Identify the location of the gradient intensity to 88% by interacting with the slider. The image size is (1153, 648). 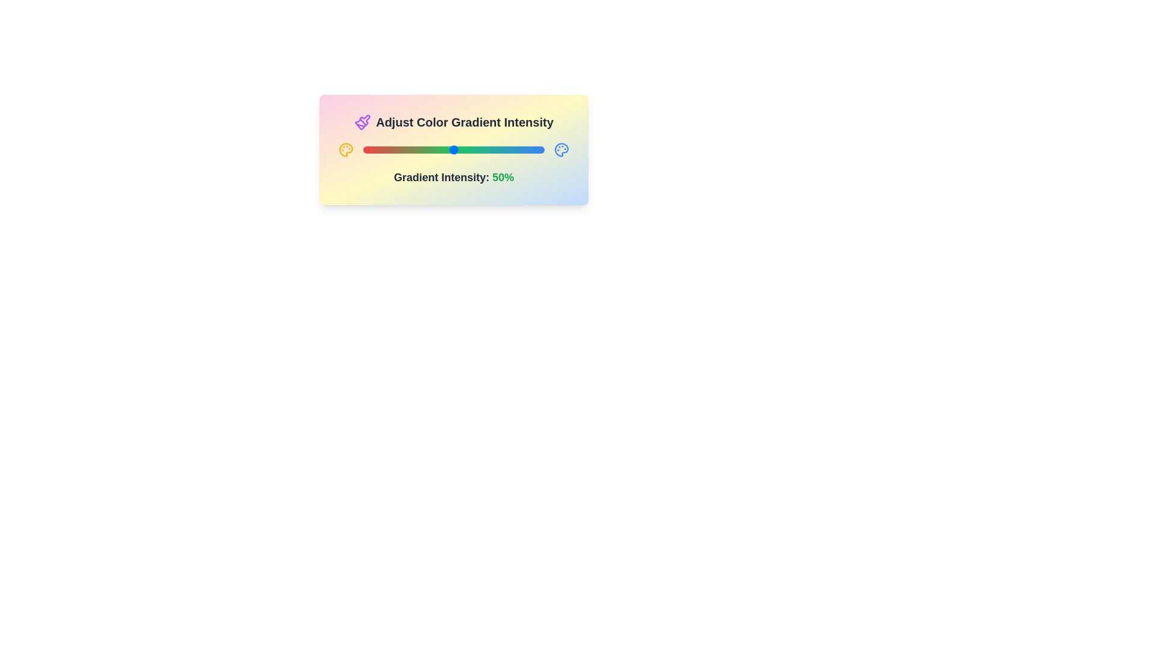
(522, 149).